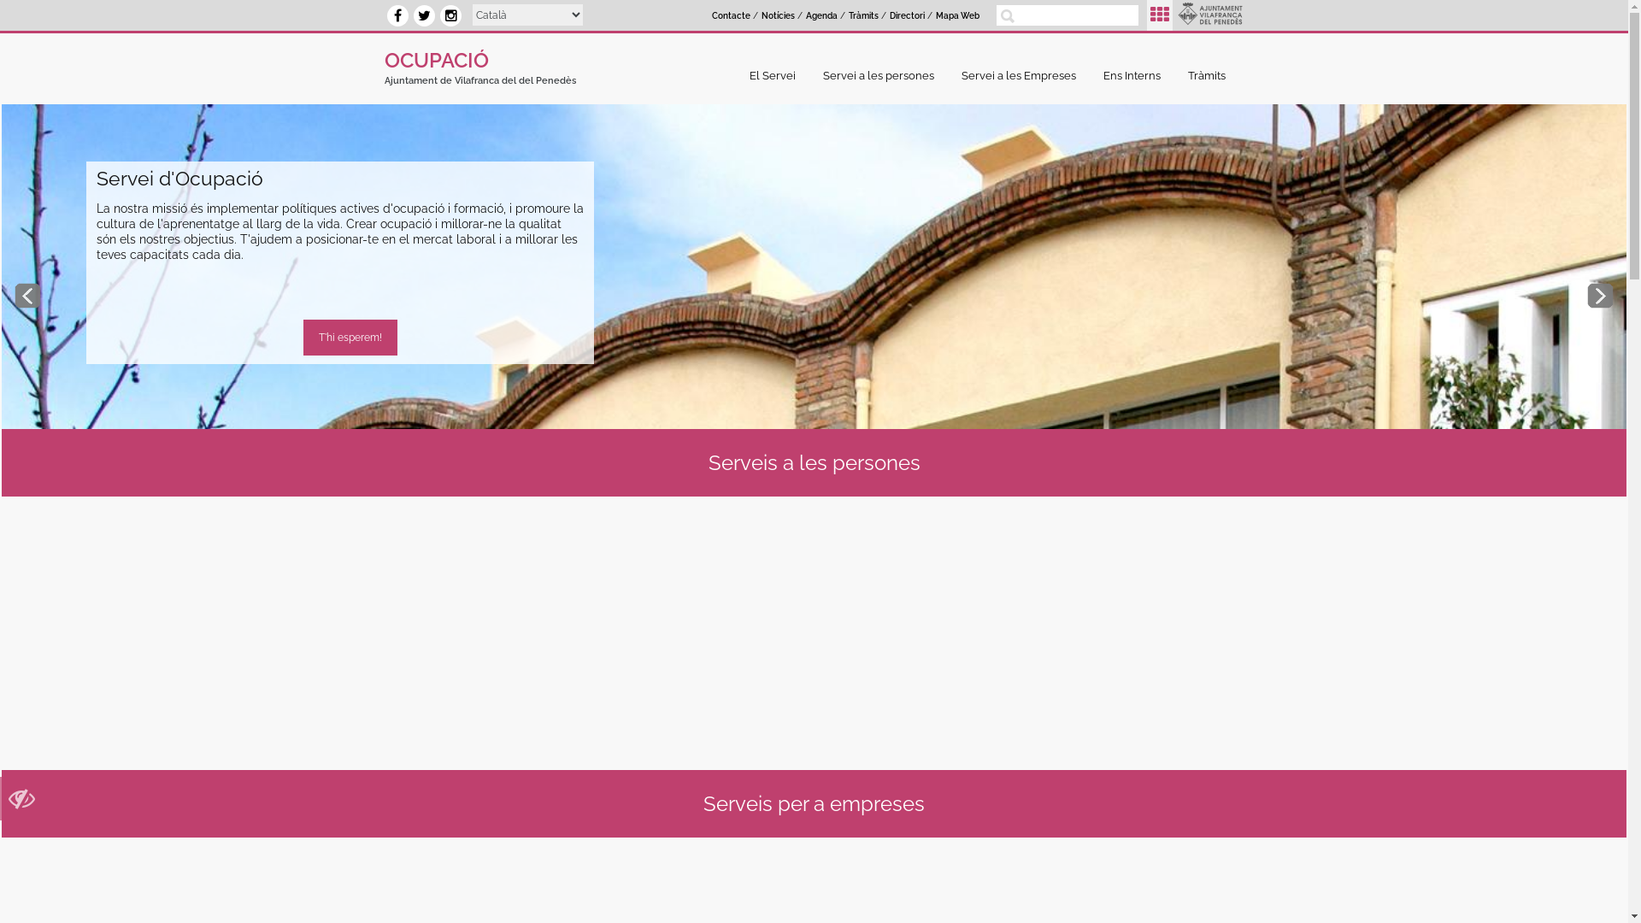 This screenshot has width=1641, height=923. Describe the element at coordinates (731, 16) in the screenshot. I see `'Contacte'` at that location.